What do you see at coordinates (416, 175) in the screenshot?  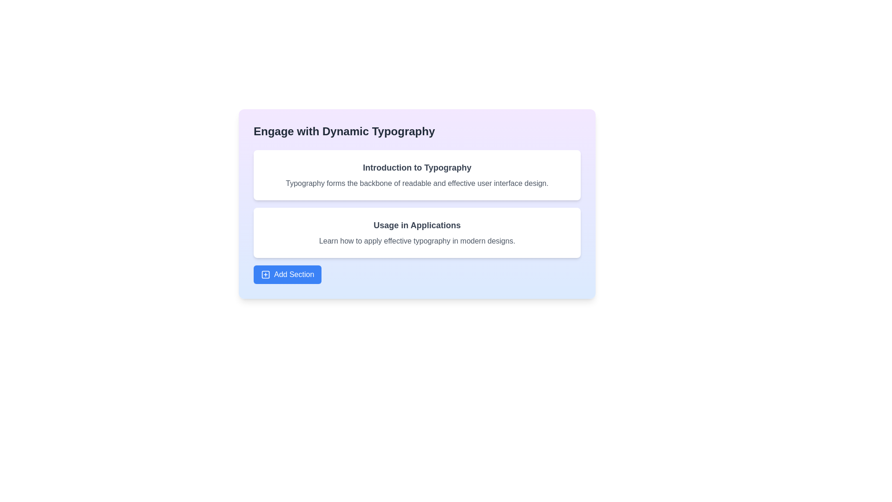 I see `the first descriptive card element containing the title 'Introduction to Typography', which is white, rounded, and shadowed, located above the second card titled 'Usage in Applications'` at bounding box center [416, 175].